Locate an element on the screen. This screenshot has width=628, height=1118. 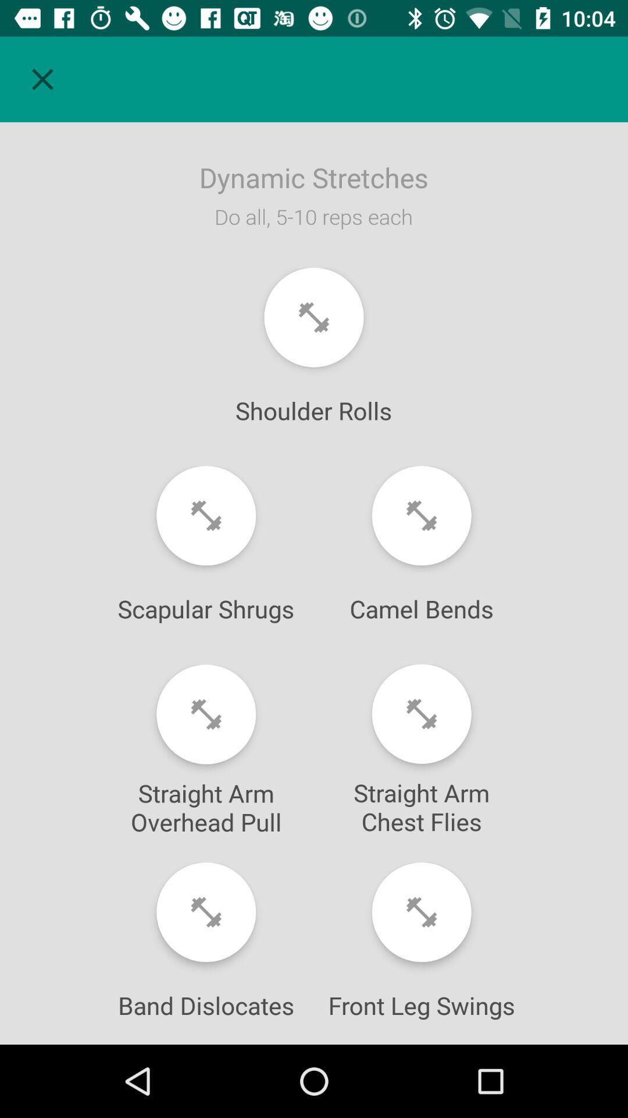
direction of swing is located at coordinates (422, 911).